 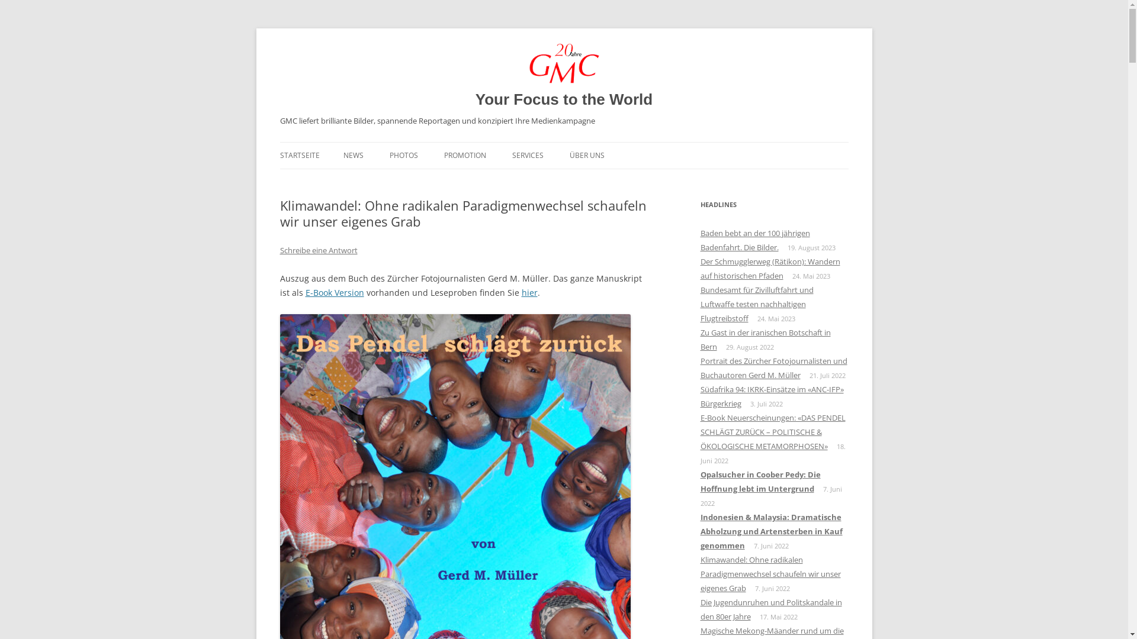 I want to click on 'Schreibe eine Antwort', so click(x=318, y=250).